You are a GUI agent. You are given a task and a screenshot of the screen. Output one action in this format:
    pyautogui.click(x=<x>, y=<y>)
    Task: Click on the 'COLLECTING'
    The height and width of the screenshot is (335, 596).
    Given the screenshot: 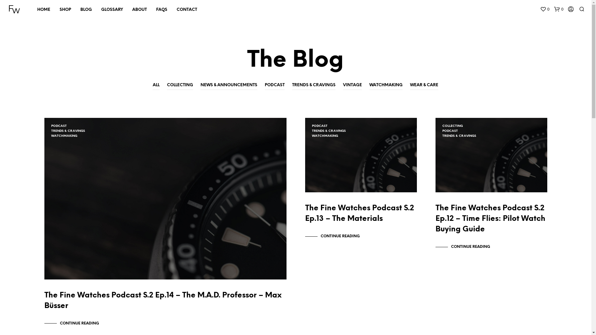 What is the action you would take?
    pyautogui.click(x=180, y=85)
    